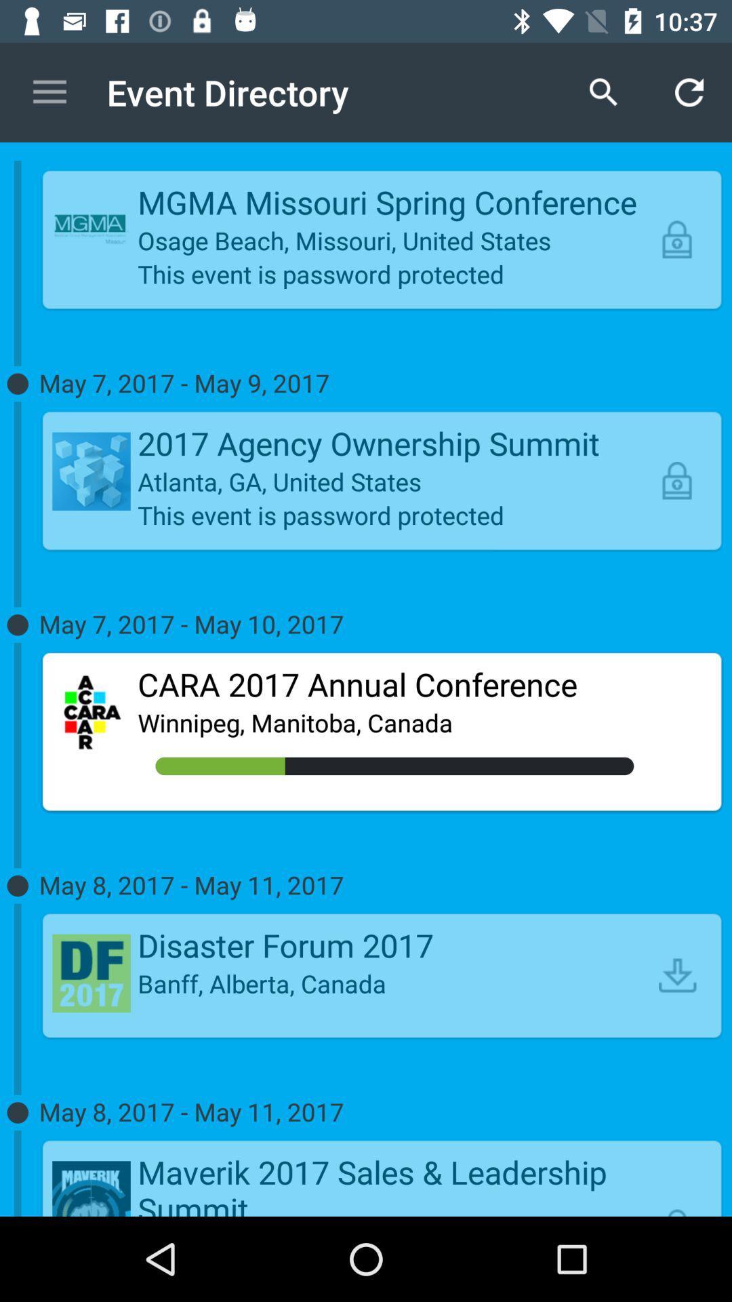 This screenshot has height=1302, width=732. I want to click on disaster forum 2017 icon, so click(394, 944).